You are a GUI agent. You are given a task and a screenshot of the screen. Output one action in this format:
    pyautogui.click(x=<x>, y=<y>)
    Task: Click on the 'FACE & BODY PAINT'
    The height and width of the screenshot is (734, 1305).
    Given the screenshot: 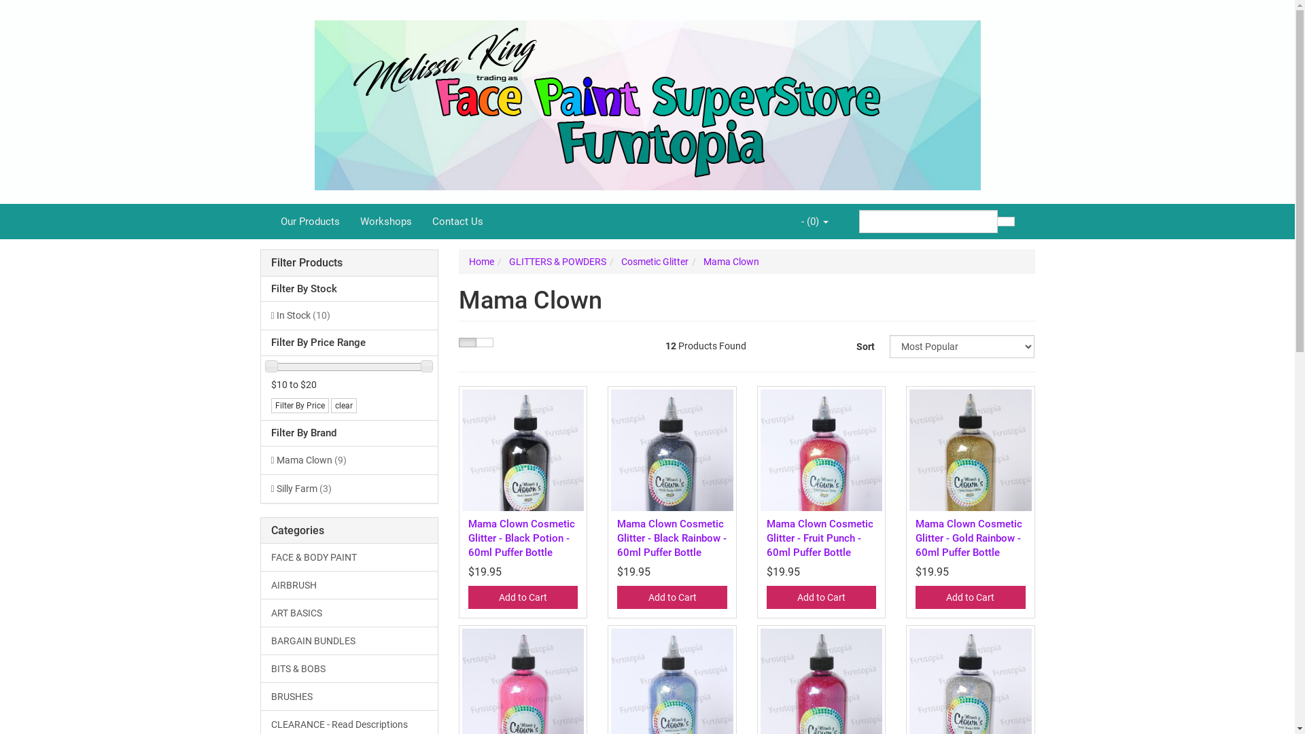 What is the action you would take?
    pyautogui.click(x=261, y=557)
    